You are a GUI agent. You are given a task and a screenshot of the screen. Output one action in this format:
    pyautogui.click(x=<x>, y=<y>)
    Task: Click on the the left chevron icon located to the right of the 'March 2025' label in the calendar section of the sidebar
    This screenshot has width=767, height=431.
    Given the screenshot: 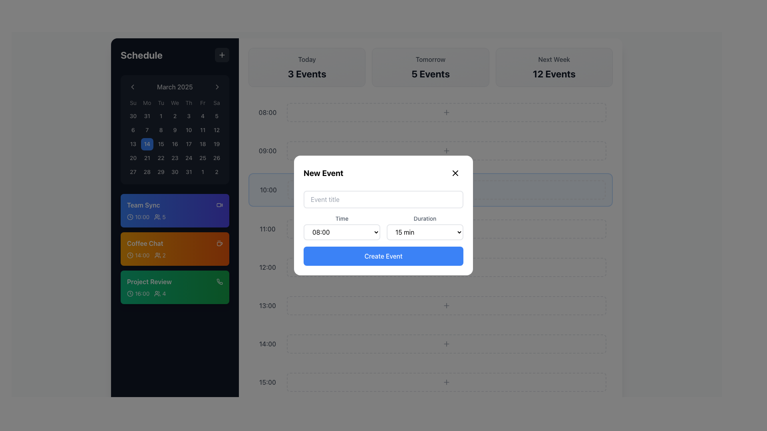 What is the action you would take?
    pyautogui.click(x=132, y=87)
    